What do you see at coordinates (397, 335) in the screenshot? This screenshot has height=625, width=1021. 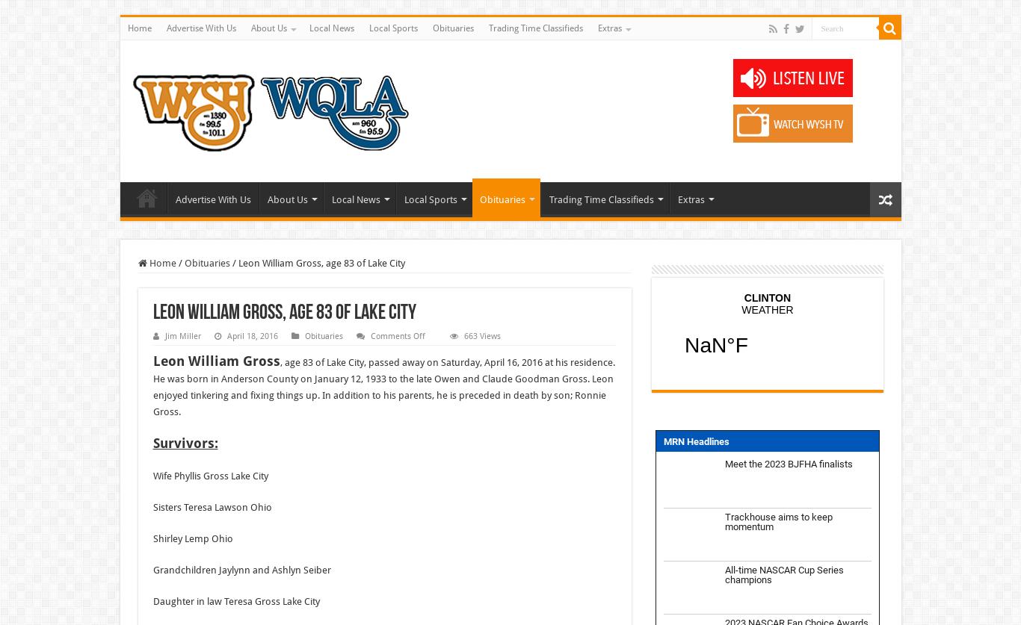 I see `'Comments Off'` at bounding box center [397, 335].